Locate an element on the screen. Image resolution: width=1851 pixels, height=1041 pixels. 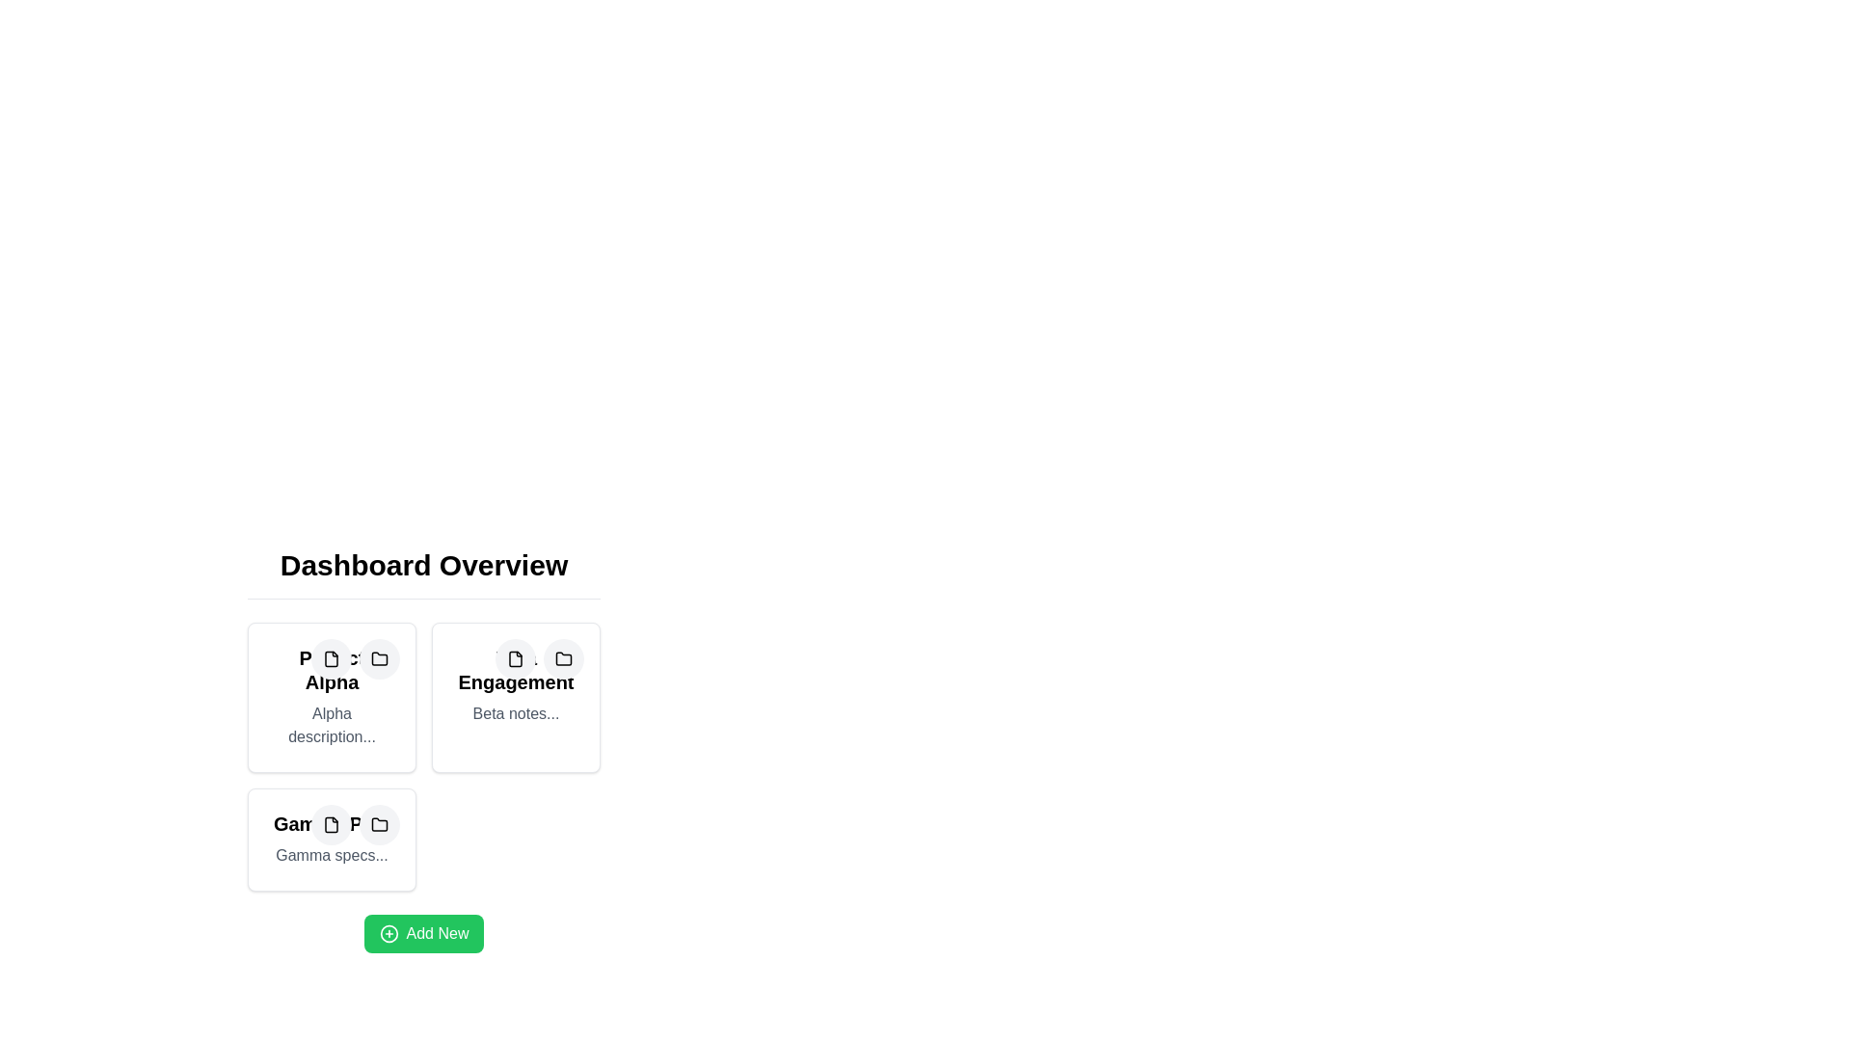
the 'Add New' button, which is a green button with white text and a circular plus icon on the left is located at coordinates (437, 932).